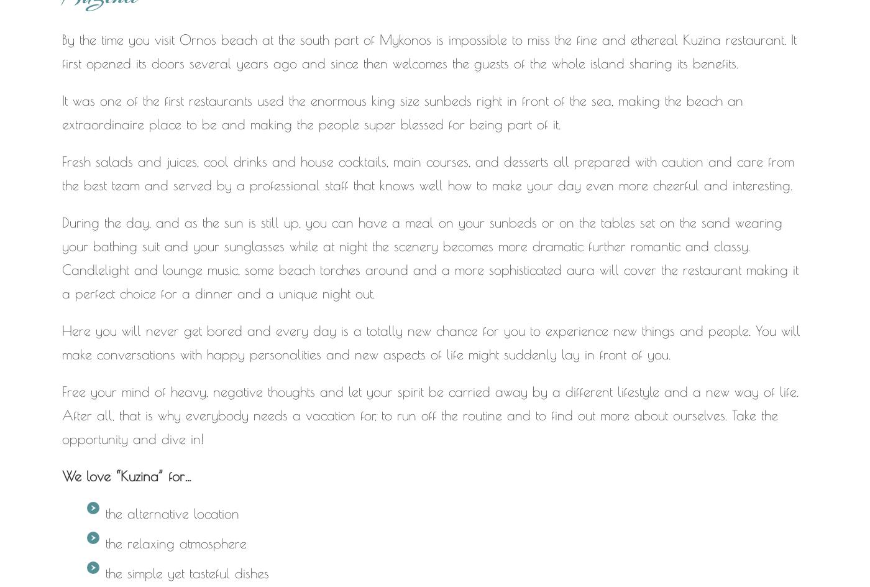  What do you see at coordinates (403, 111) in the screenshot?
I see `'It was one of the first restaurants used the enormous king size sunbeds right in front of the sea, making the beach an extraordinaire place to be and making the people super blessed for being part of it.'` at bounding box center [403, 111].